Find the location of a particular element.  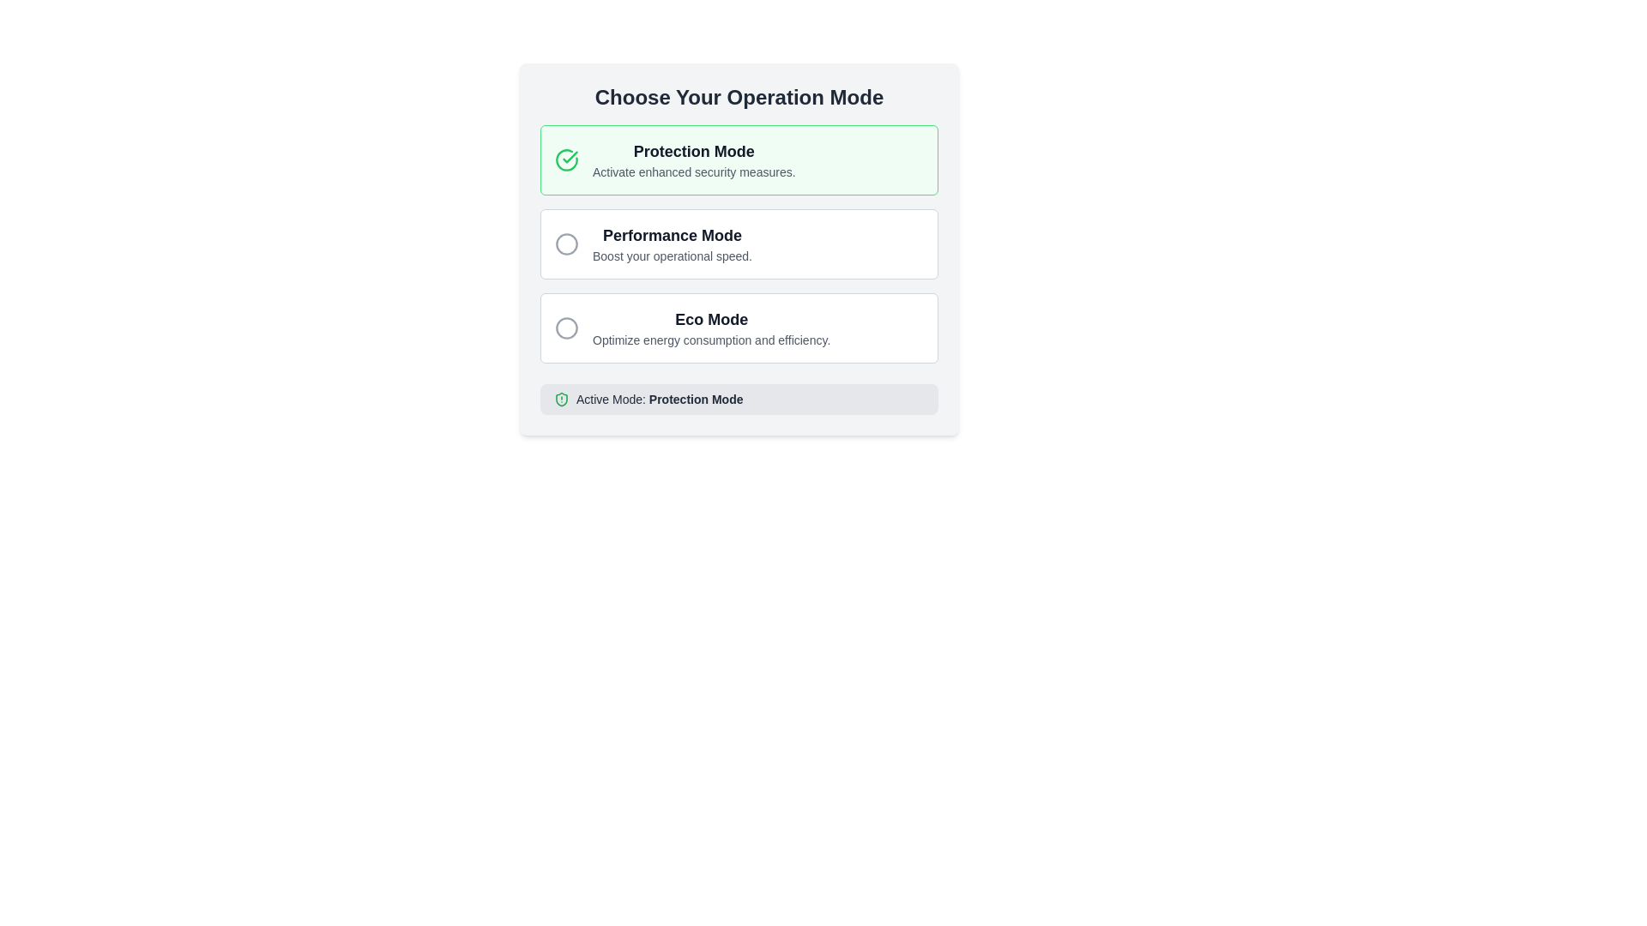

the circular icon with a light gray border located to the left of the 'Performance Mode' text for information is located at coordinates (567, 244).